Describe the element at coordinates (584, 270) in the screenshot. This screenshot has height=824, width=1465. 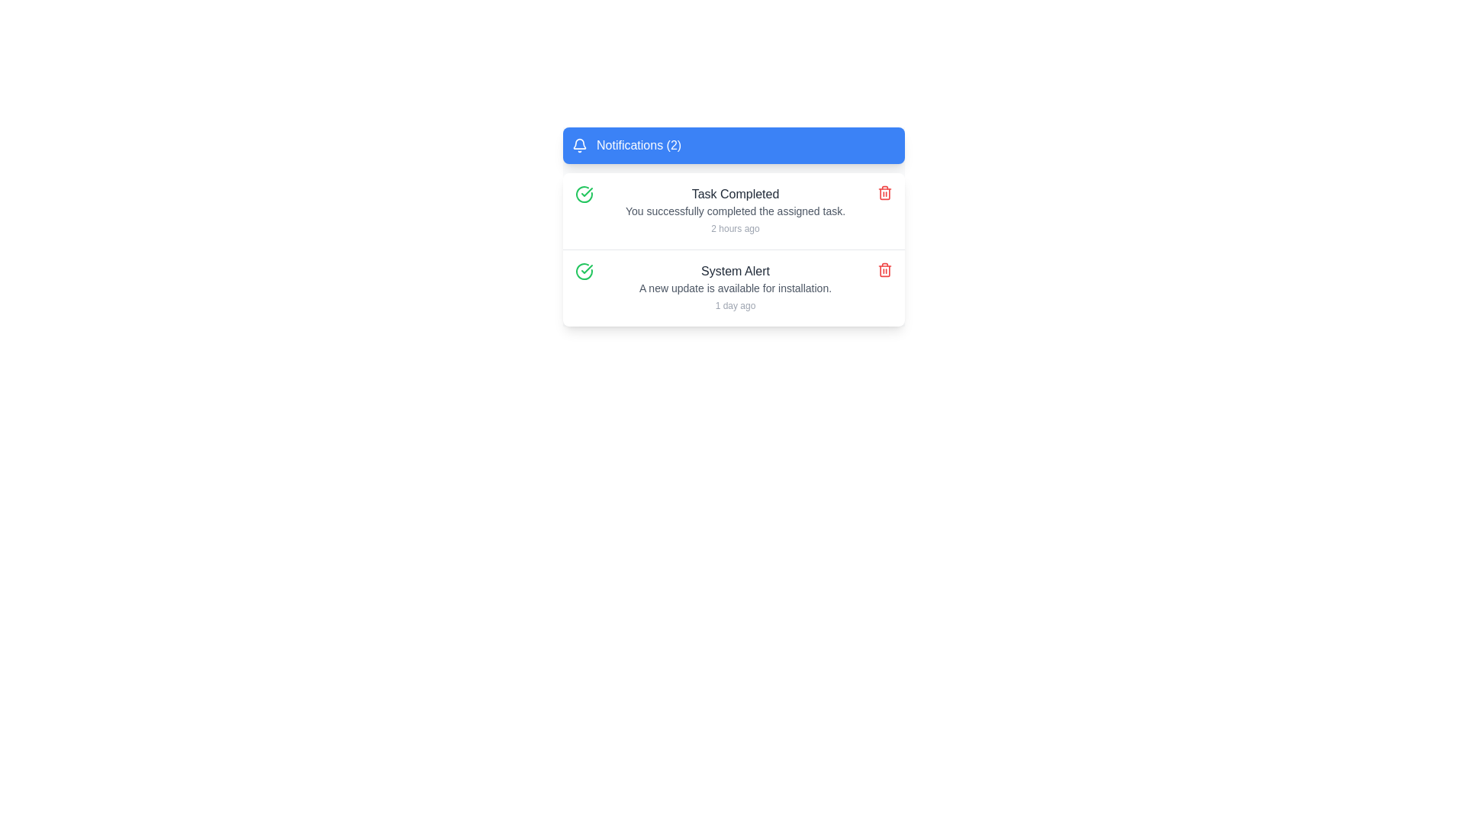
I see `the solid green circle icon with a checkmark symbol located to the left of the 'System Alert' text in the middle section of the notification card` at that location.